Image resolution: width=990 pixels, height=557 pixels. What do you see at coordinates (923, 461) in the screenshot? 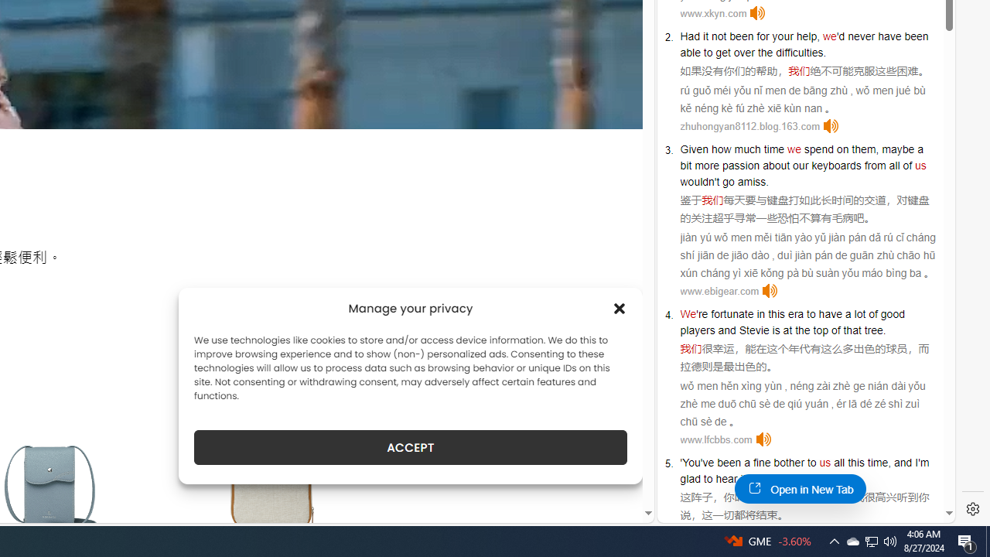
I see `''m'` at bounding box center [923, 461].